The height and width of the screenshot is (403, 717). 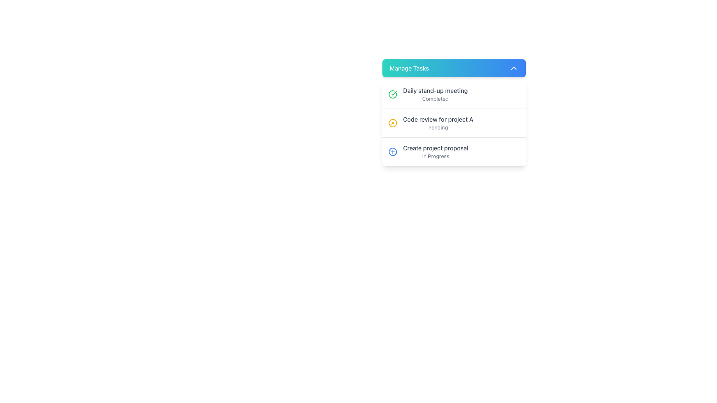 I want to click on the status label indicating 'Pending' located below 'Code review for project A' in the 'Manage Tasks' panel, so click(x=438, y=127).